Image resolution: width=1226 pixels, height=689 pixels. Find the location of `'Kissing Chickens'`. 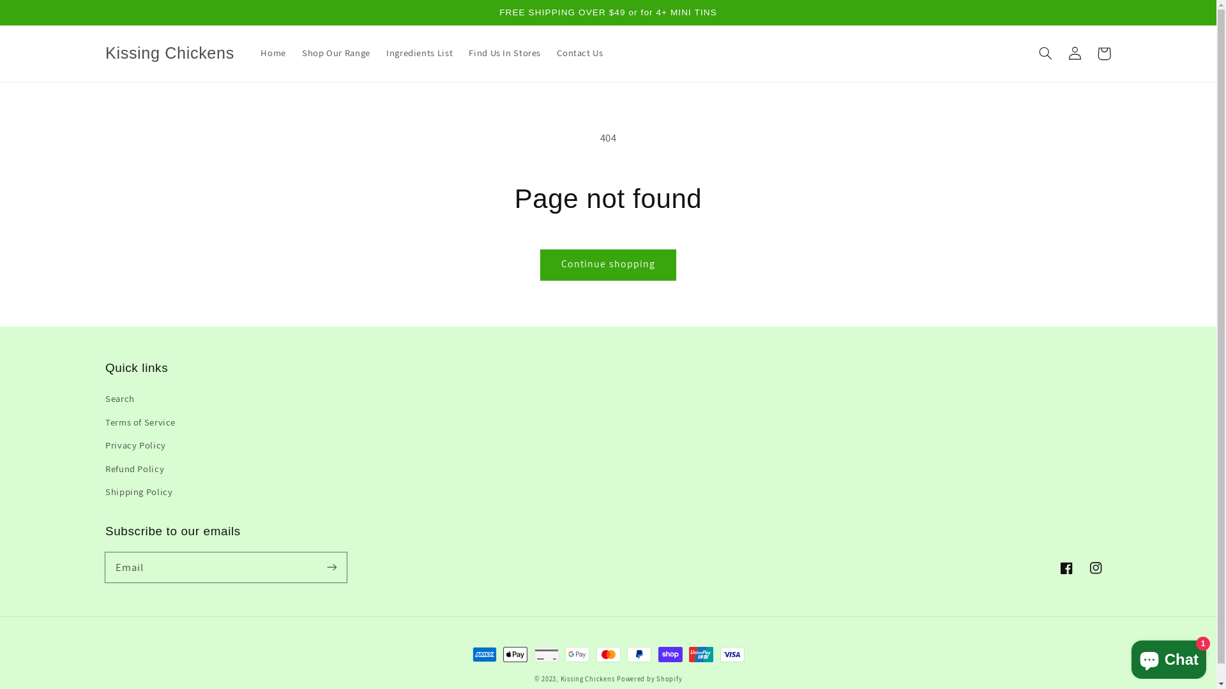

'Kissing Chickens' is located at coordinates (169, 52).